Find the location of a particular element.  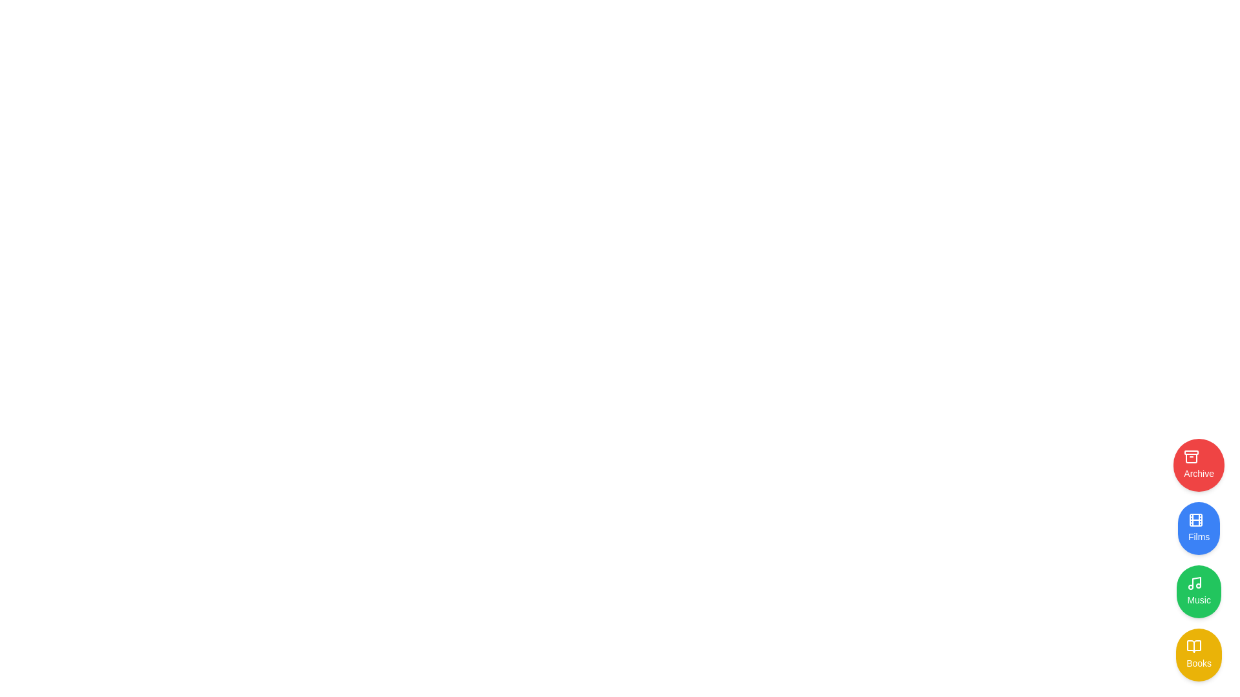

the text label 'Books', which is the only visible text inside the yellow circular button at the bottom of the vertical stack of menu options is located at coordinates (1198, 663).